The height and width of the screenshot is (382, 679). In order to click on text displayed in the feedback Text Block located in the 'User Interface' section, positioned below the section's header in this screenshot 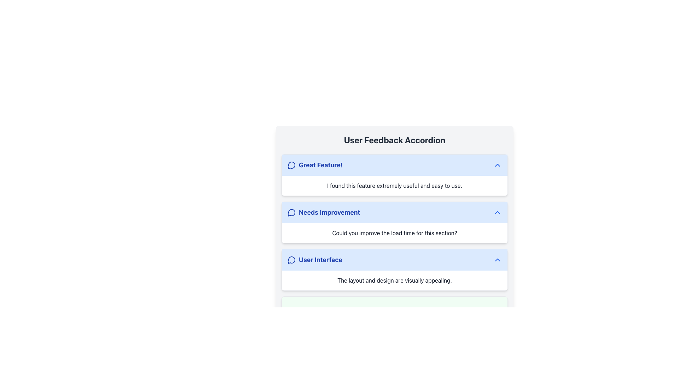, I will do `click(394, 280)`.